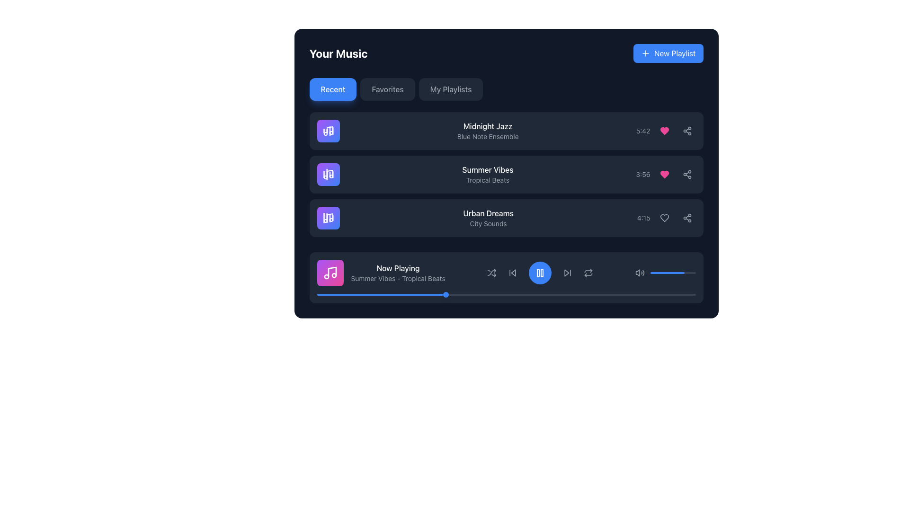 The image size is (909, 511). I want to click on the Header text indicating the section's purpose as a music-related interface, located at the top-left corner of its section, so click(339, 53).